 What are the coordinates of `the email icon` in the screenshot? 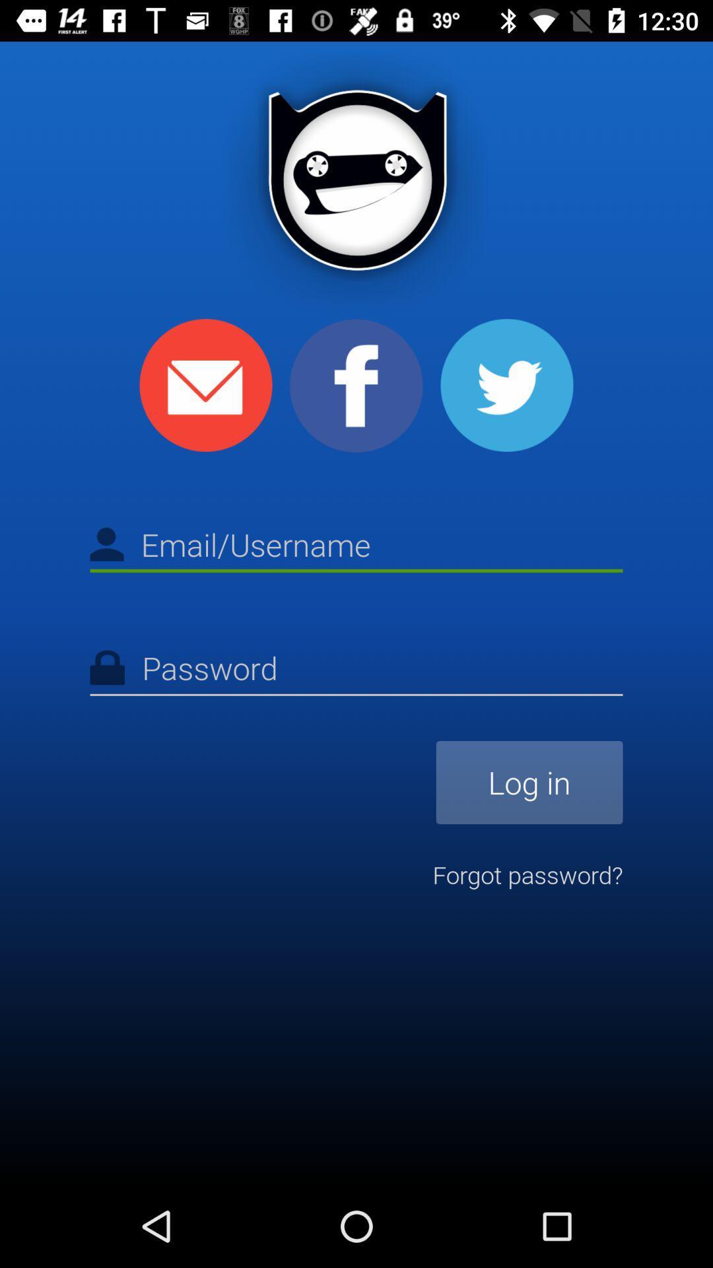 It's located at (206, 384).